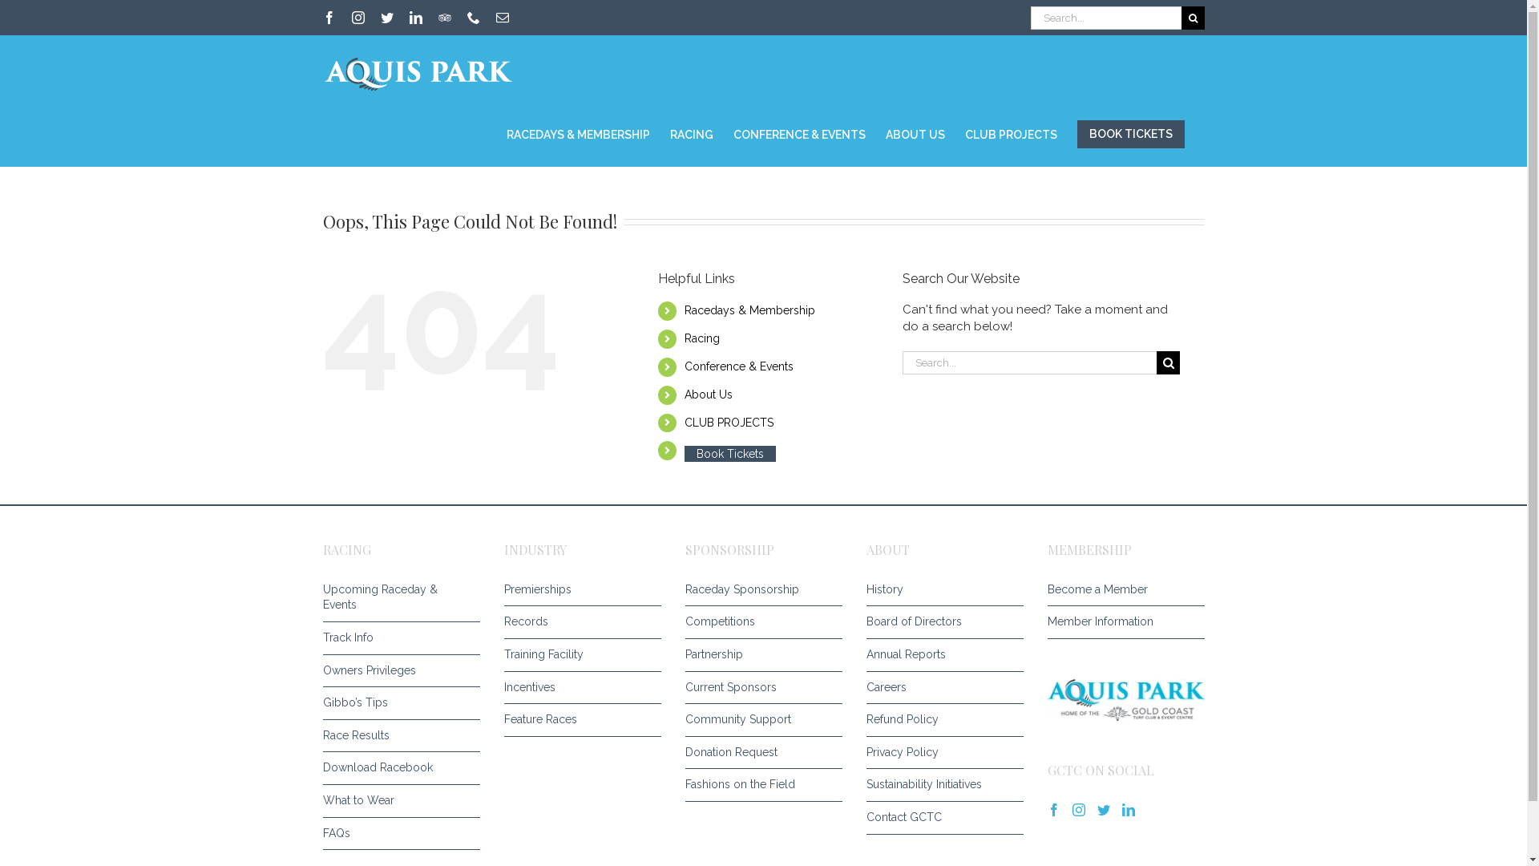  What do you see at coordinates (939, 621) in the screenshot?
I see `'Board of Directors'` at bounding box center [939, 621].